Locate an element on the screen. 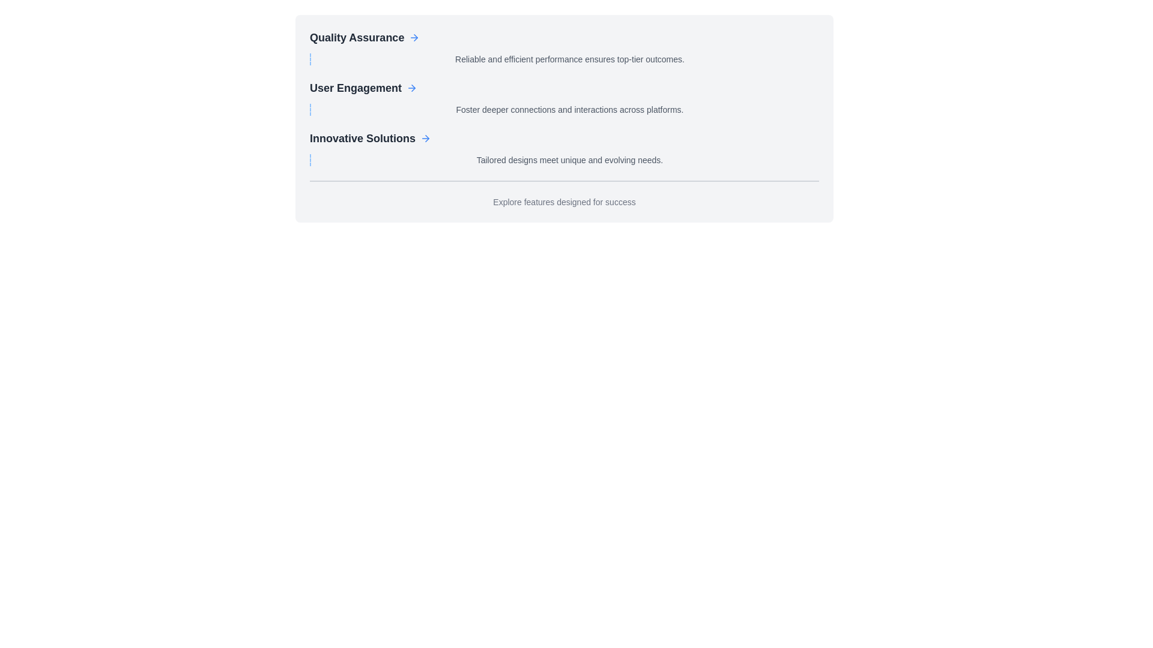  the text label item titled 'Innovative Solutions', which is the third item in a vertical list of options and has a right arrow icon indicating navigation is located at coordinates (362, 138).